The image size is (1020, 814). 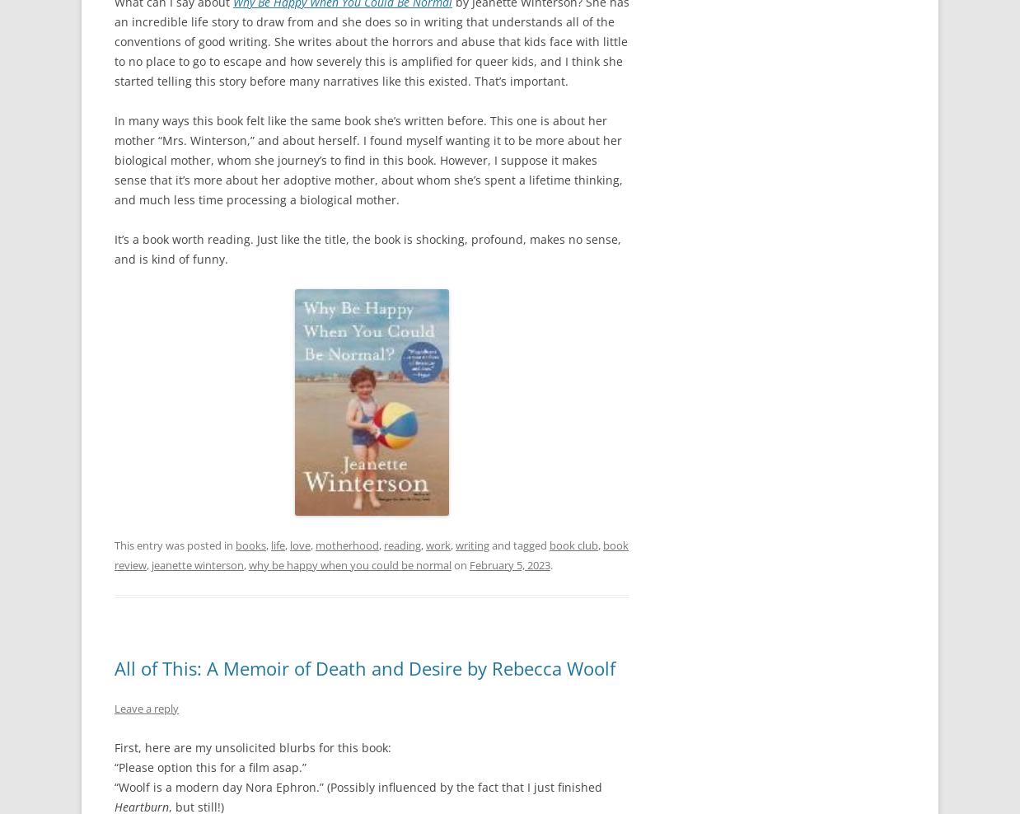 What do you see at coordinates (573, 543) in the screenshot?
I see `'book club'` at bounding box center [573, 543].